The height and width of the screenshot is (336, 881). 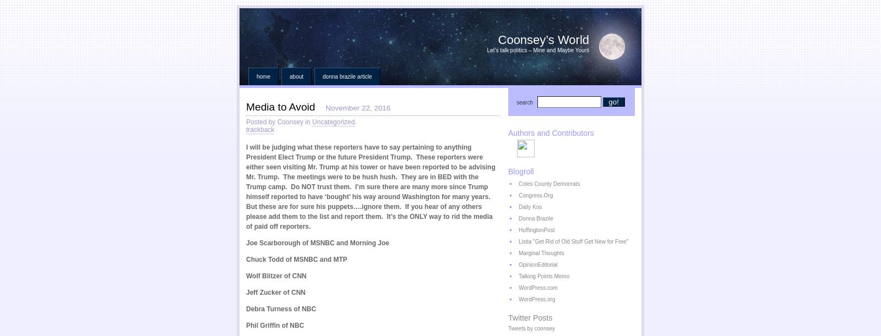 I want to click on 'Donna Brazile', so click(x=518, y=218).